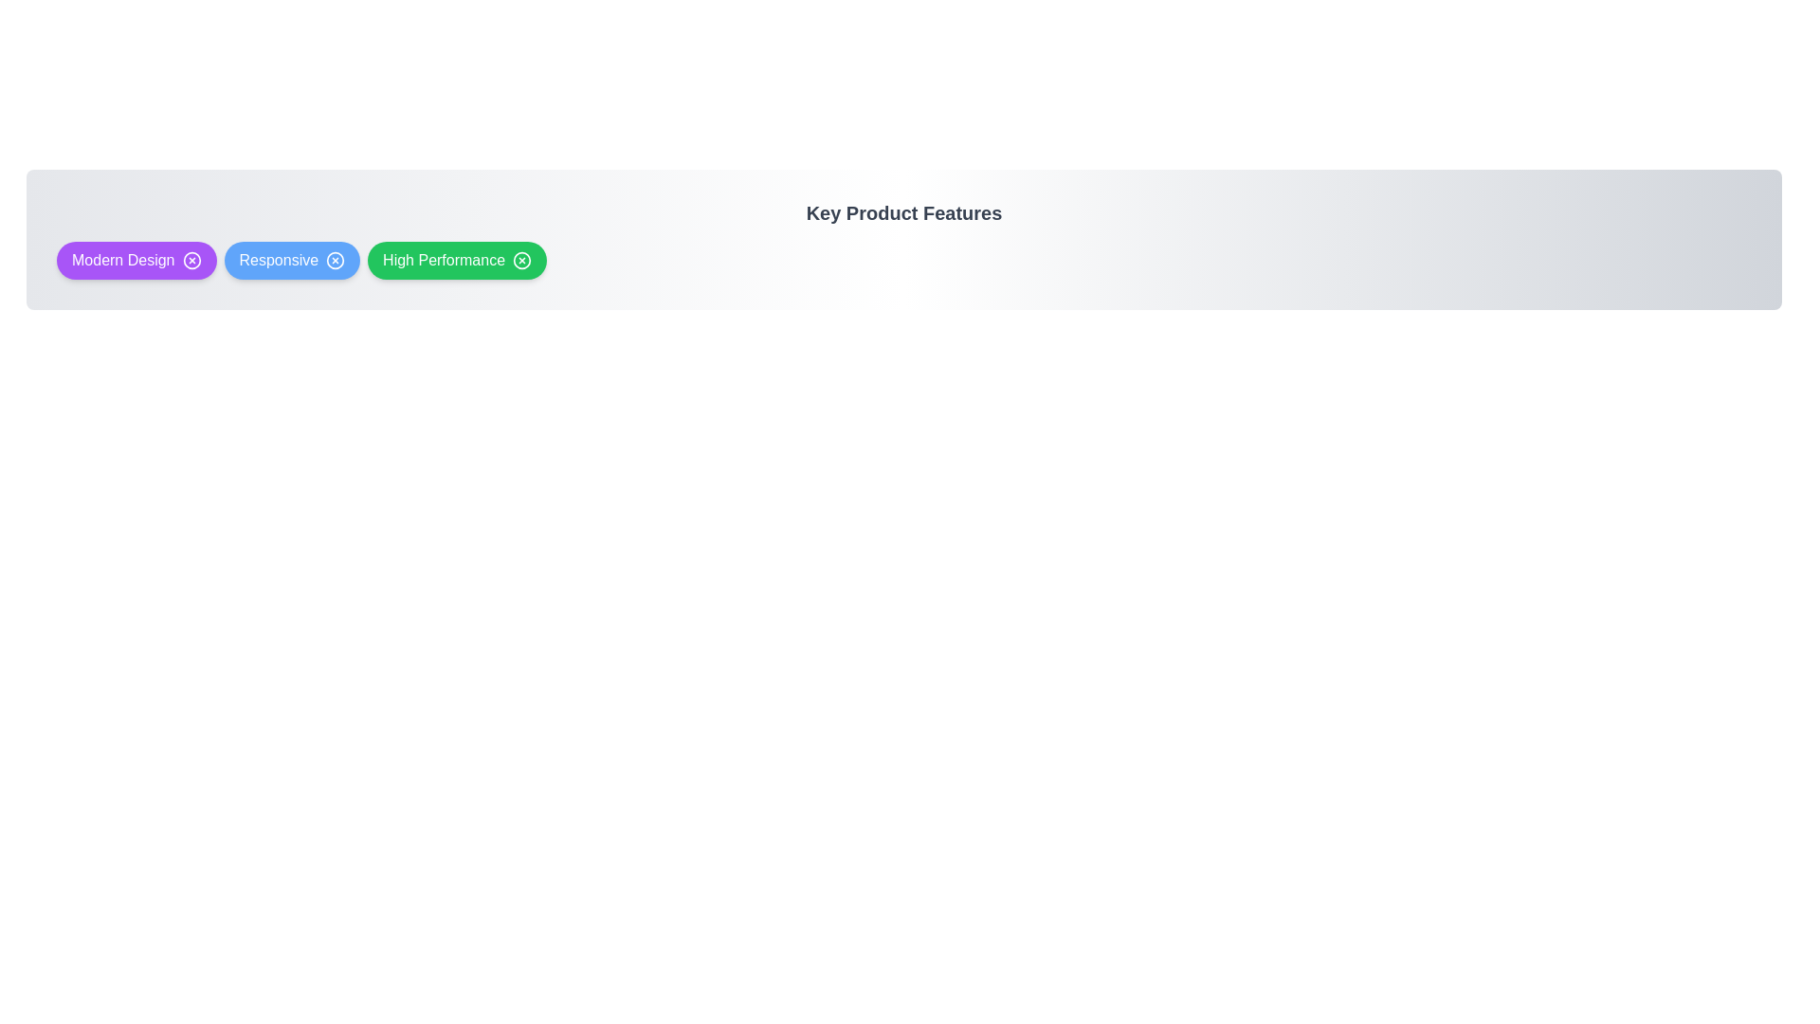 This screenshot has width=1820, height=1024. What do you see at coordinates (522, 260) in the screenshot?
I see `remove button for the feature High Performance` at bounding box center [522, 260].